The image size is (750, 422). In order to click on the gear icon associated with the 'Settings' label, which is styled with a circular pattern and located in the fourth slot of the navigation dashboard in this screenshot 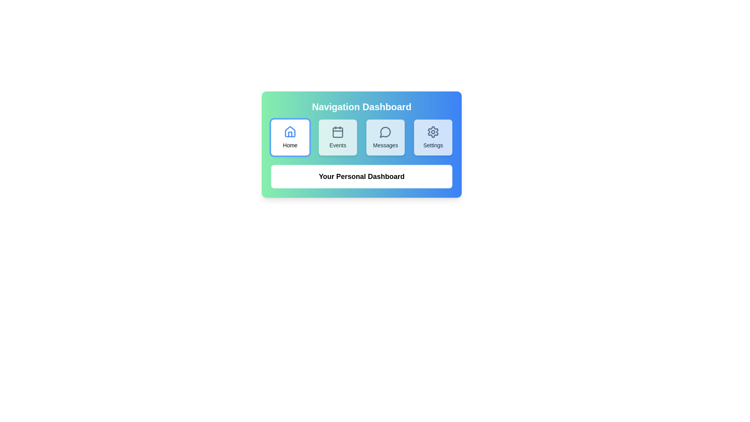, I will do `click(432, 132)`.